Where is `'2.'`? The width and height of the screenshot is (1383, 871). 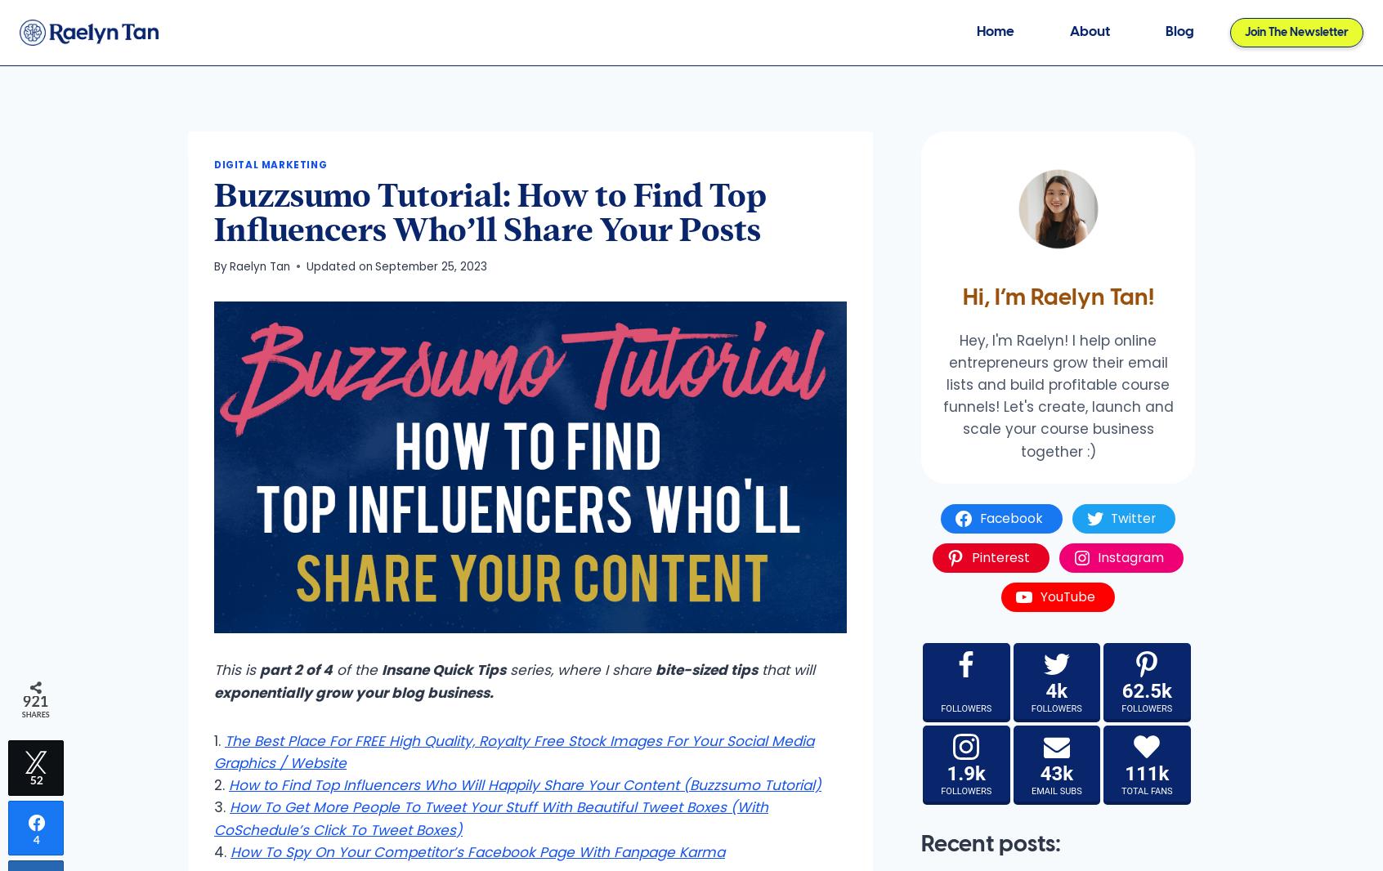 '2.' is located at coordinates (222, 784).